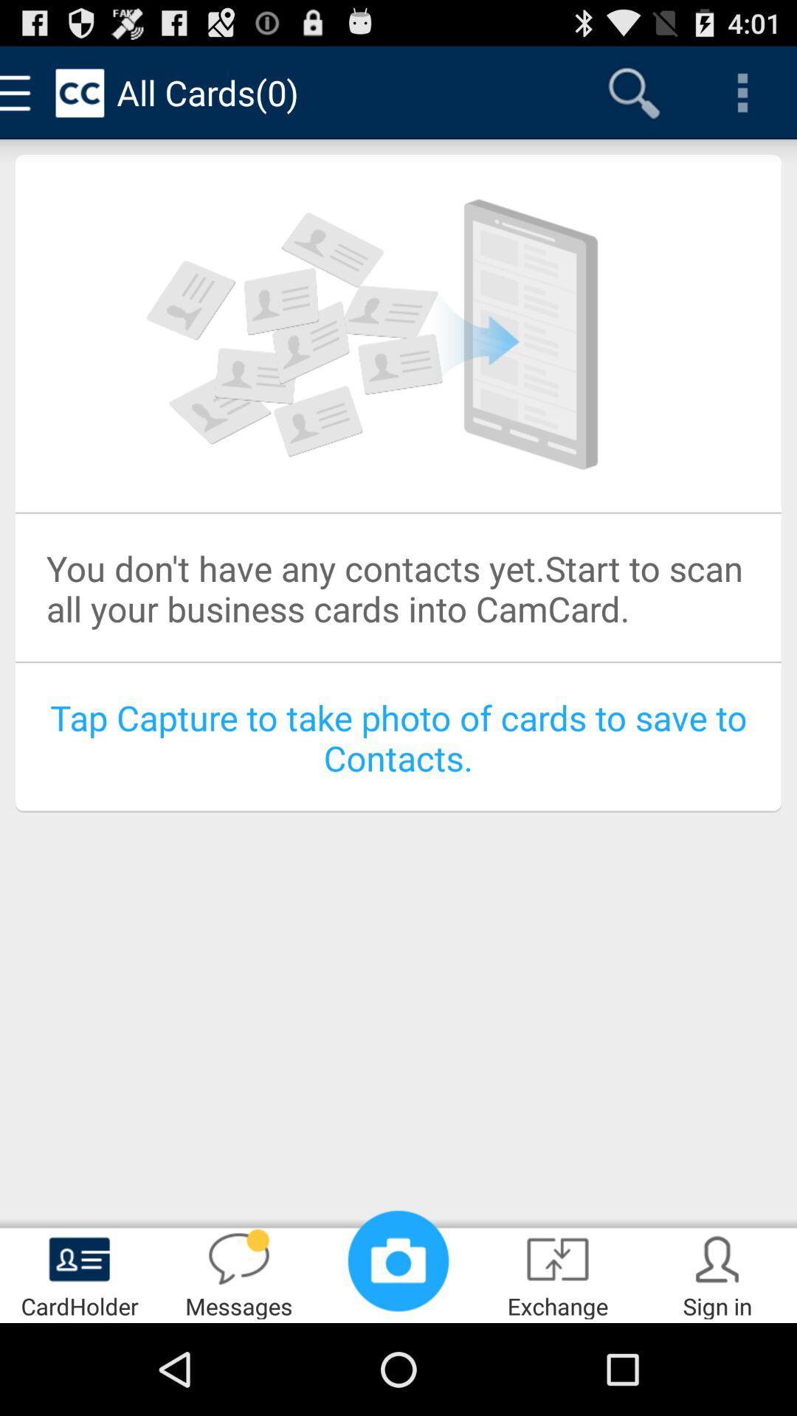 The image size is (797, 1416). I want to click on the sign in item, so click(717, 1273).